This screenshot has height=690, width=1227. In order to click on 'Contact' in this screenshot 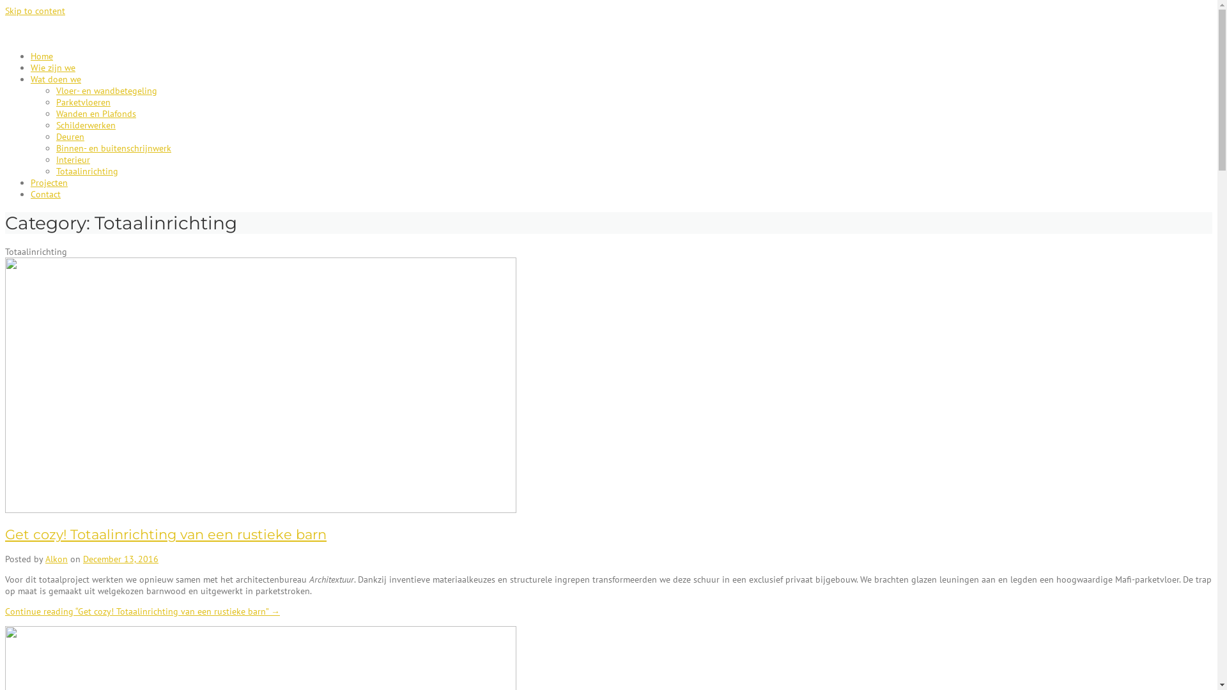, I will do `click(45, 194)`.